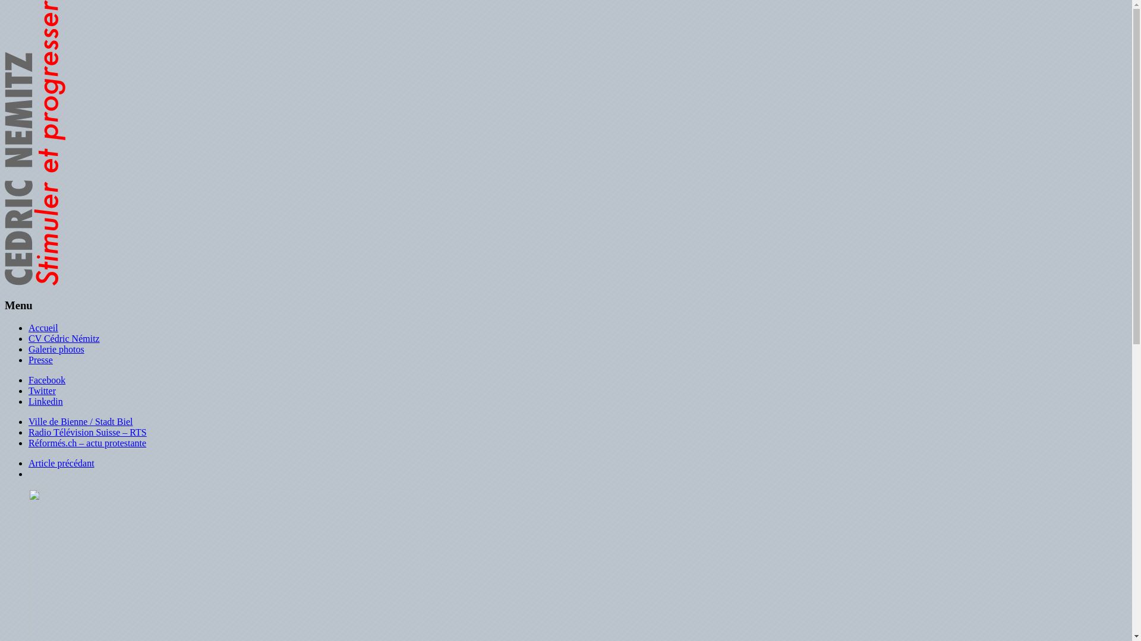  Describe the element at coordinates (42, 391) in the screenshot. I see `'Twitter'` at that location.